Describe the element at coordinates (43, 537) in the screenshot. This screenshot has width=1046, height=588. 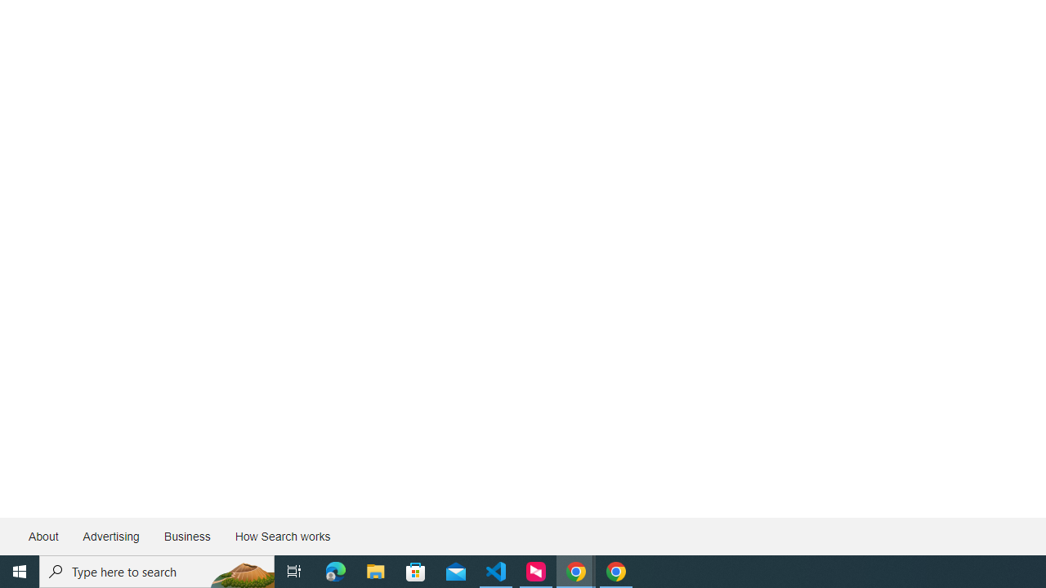
I see `'About'` at that location.